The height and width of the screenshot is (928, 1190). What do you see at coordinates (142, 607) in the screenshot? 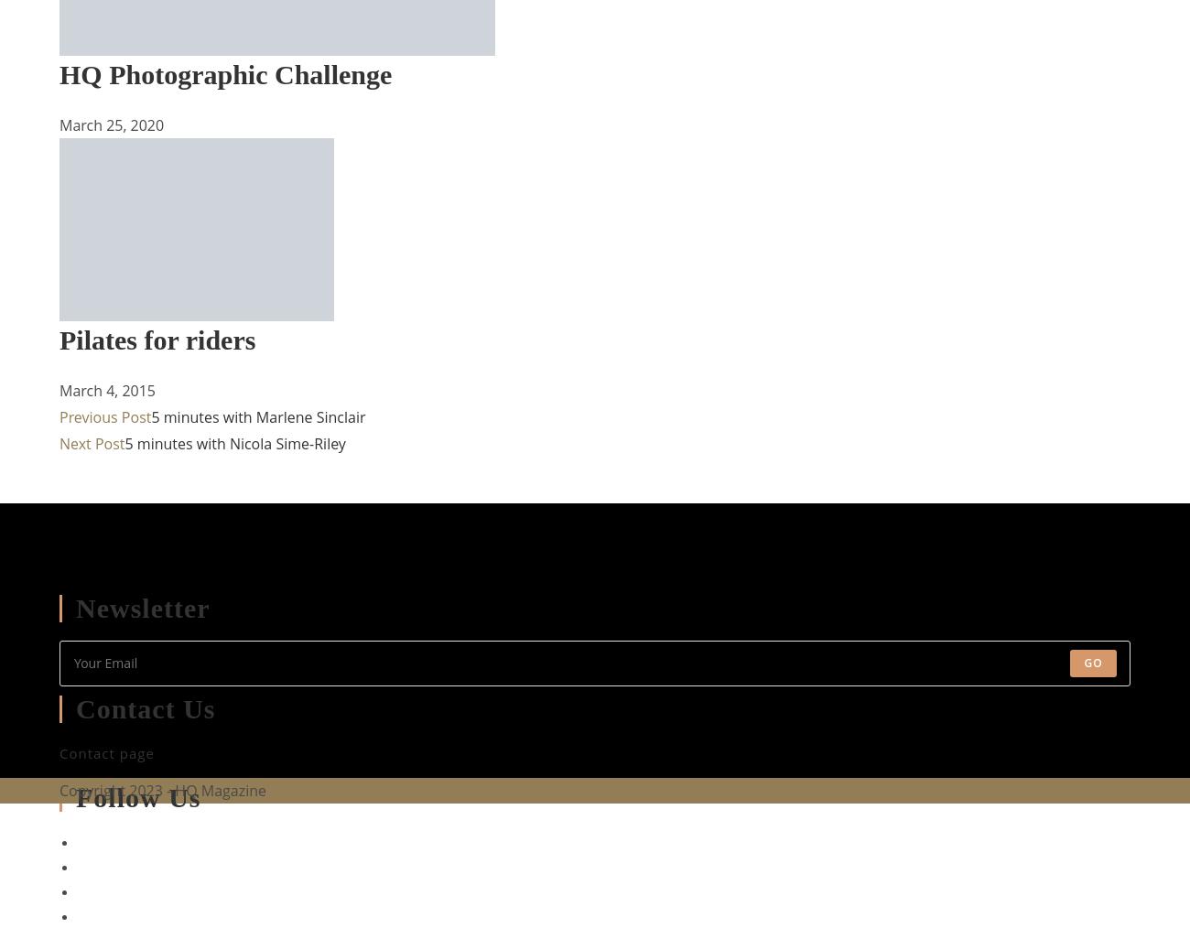
I see `'Newsletter'` at bounding box center [142, 607].